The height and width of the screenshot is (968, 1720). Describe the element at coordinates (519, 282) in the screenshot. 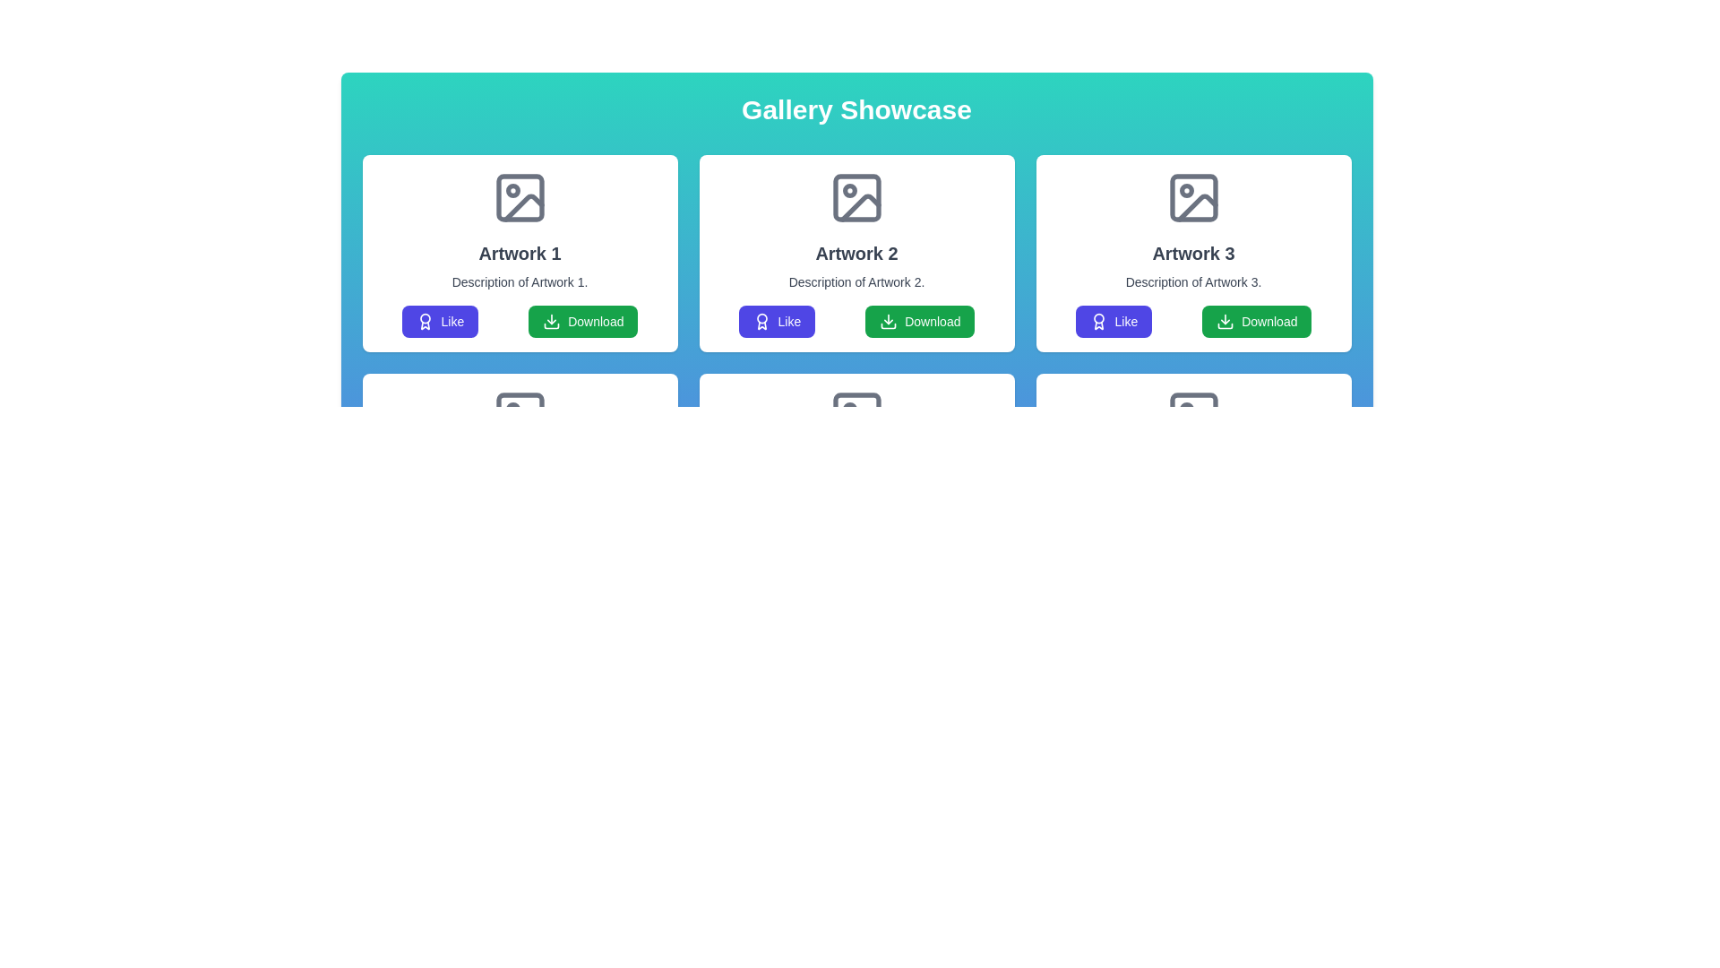

I see `the text block that provides a description of 'Artwork 1', which is located directly below the title and above the 'Like' and 'Download' buttons` at that location.